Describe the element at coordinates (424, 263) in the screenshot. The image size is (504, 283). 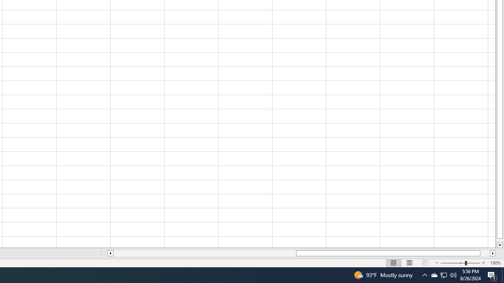
I see `'Page Break Preview'` at that location.